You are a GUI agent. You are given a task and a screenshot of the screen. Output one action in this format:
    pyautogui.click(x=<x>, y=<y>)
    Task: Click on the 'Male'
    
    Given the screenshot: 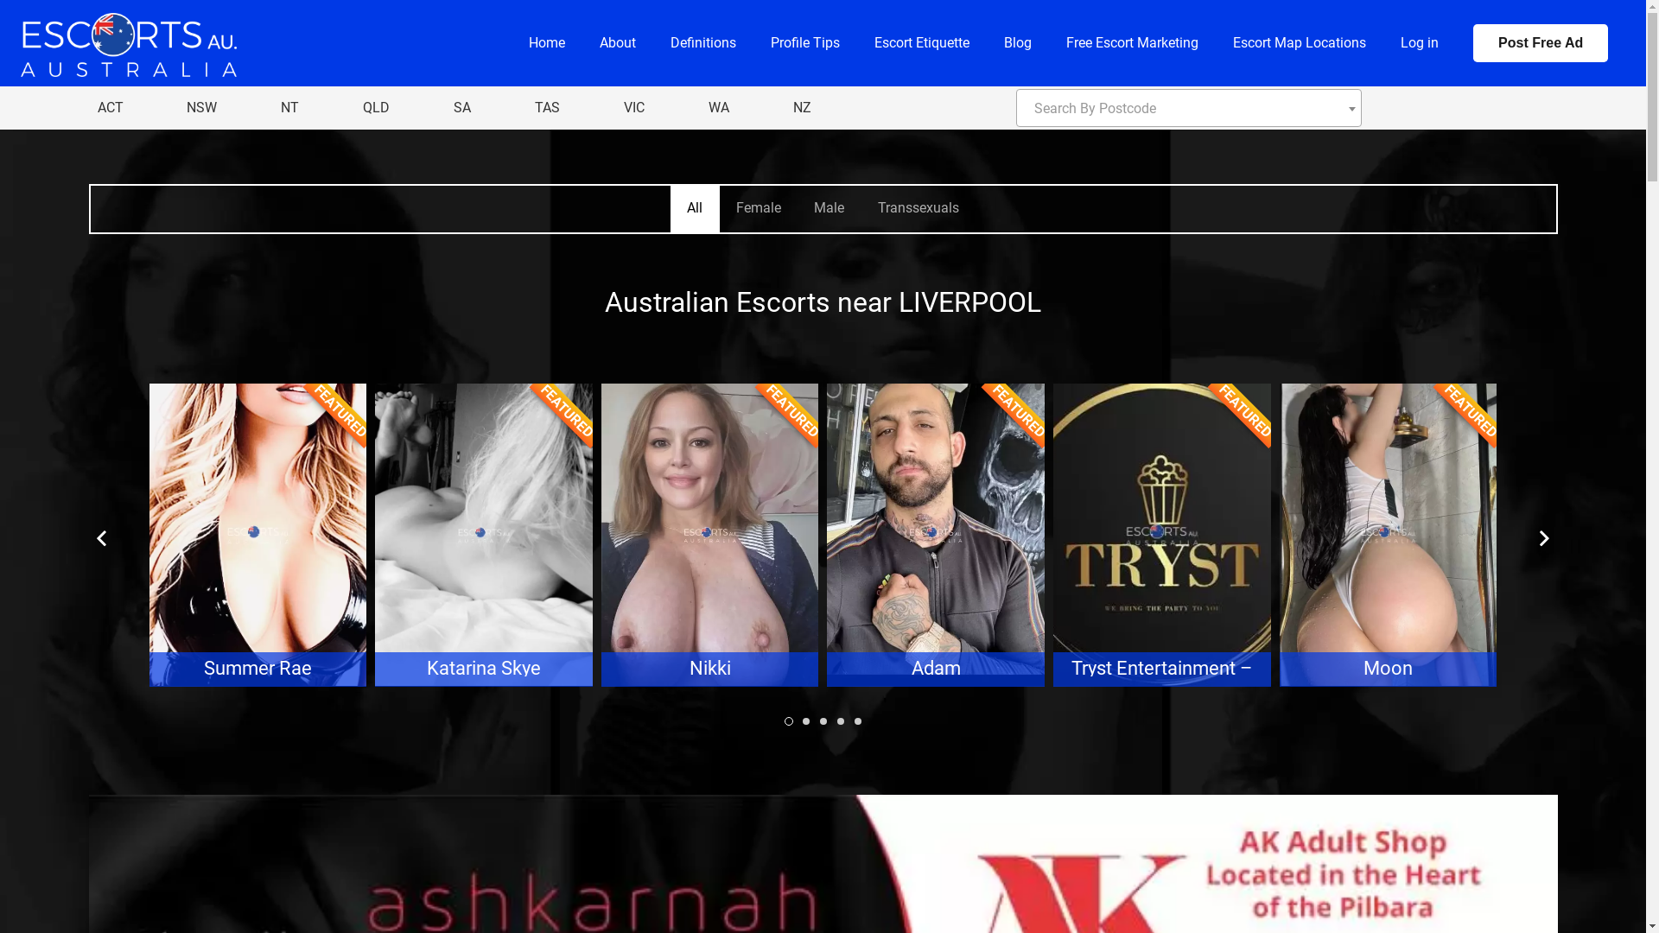 What is the action you would take?
    pyautogui.click(x=828, y=208)
    